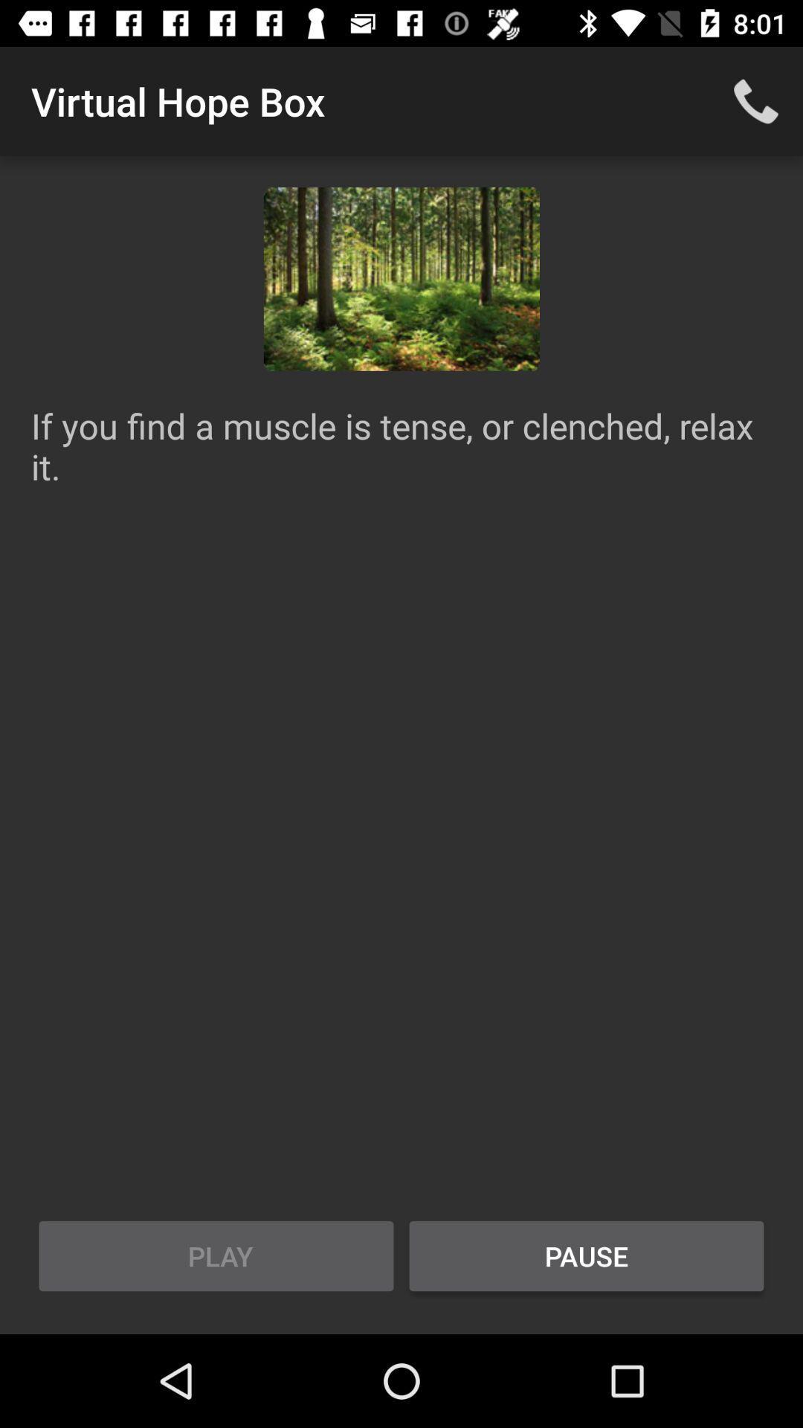 The height and width of the screenshot is (1428, 803). Describe the element at coordinates (216, 1255) in the screenshot. I see `play` at that location.